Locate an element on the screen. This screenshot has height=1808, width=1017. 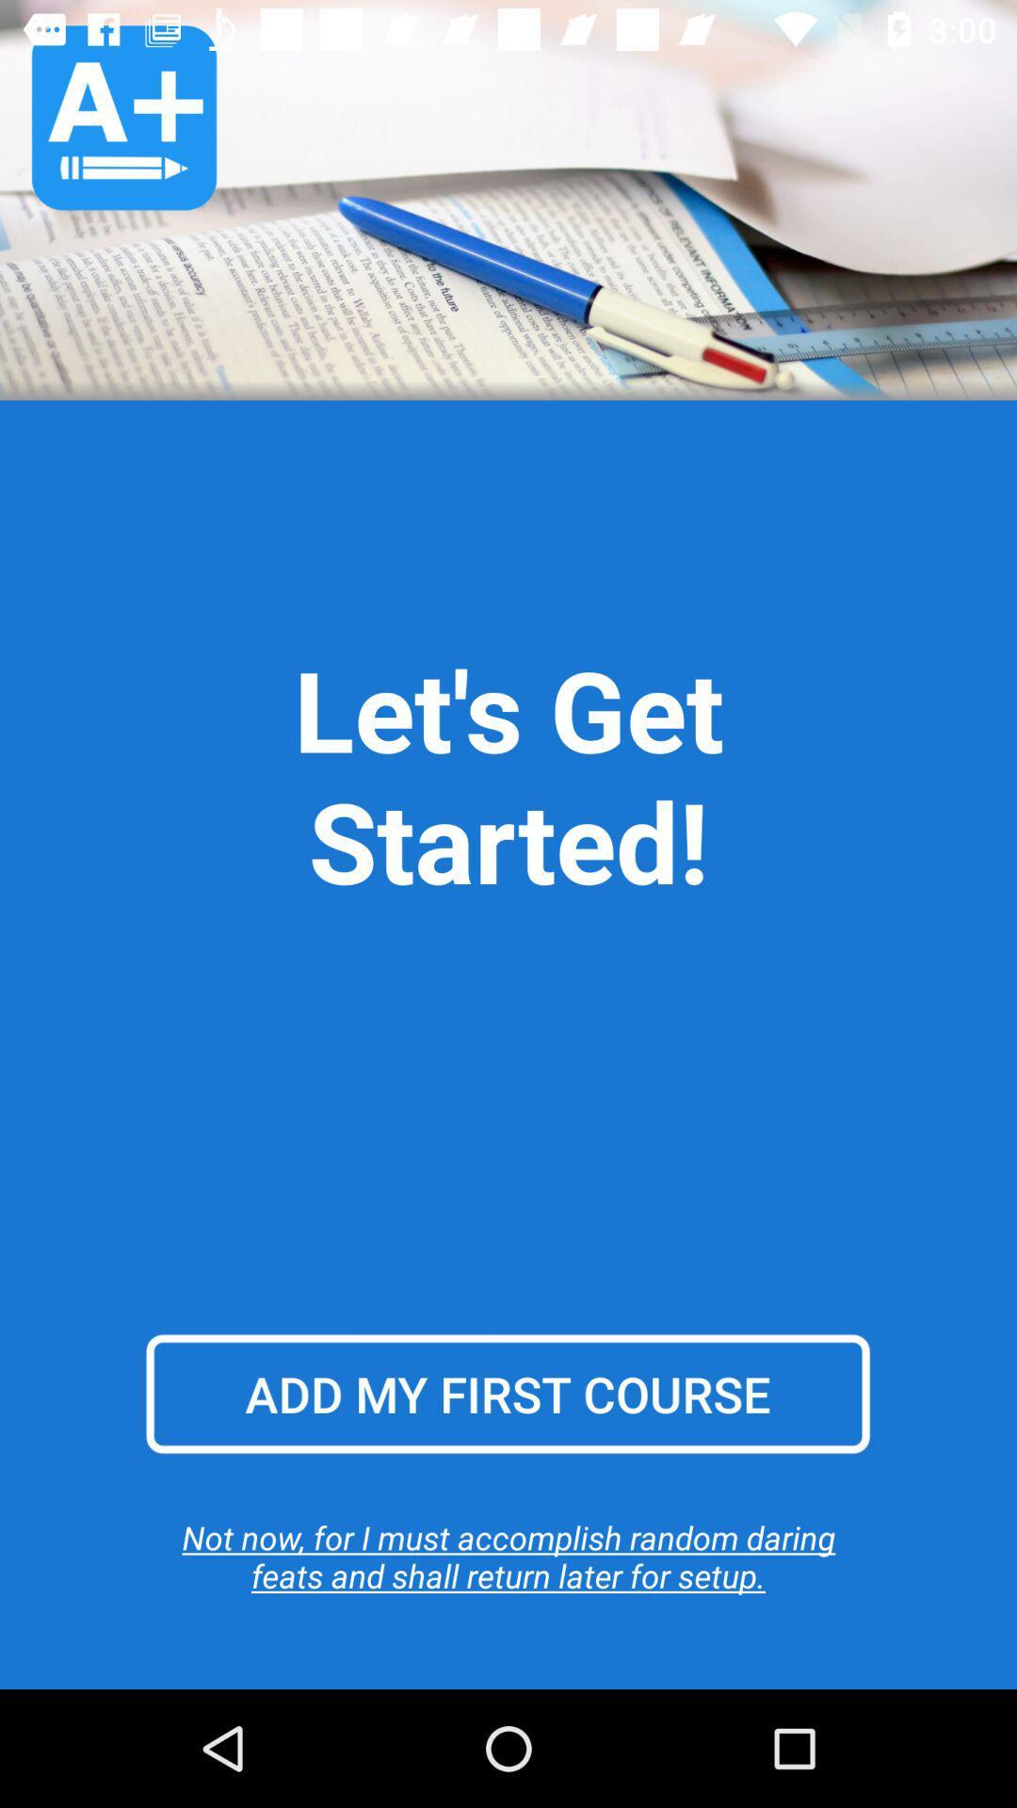
not now for is located at coordinates (508, 1556).